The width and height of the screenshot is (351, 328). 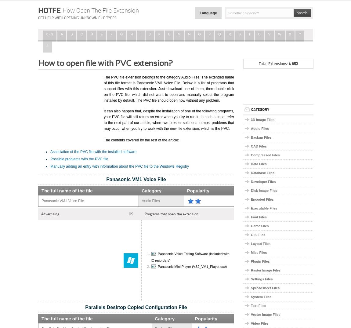 What do you see at coordinates (141, 140) in the screenshot?
I see `'The contents covered by the rest of the article:'` at bounding box center [141, 140].